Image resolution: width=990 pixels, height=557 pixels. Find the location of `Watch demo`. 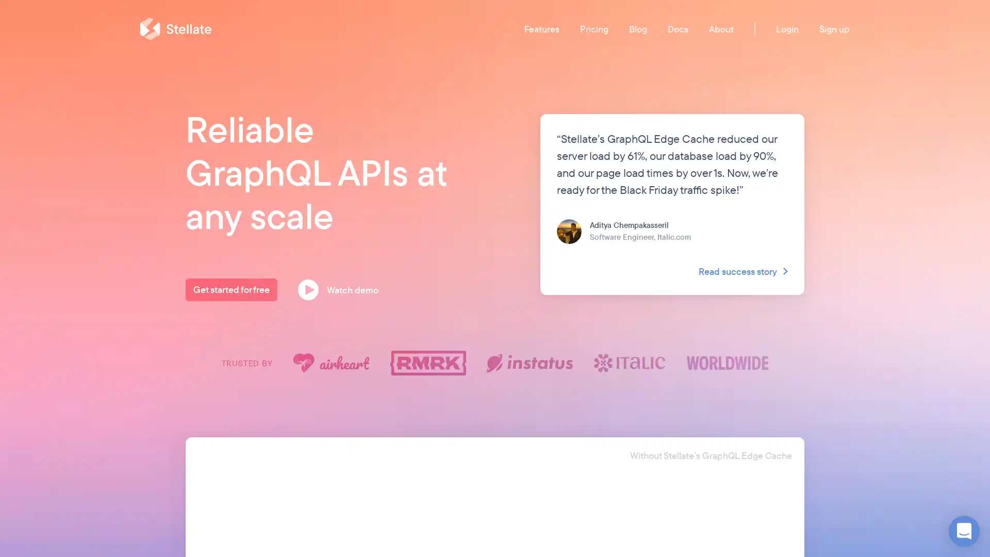

Watch demo is located at coordinates (342, 290).